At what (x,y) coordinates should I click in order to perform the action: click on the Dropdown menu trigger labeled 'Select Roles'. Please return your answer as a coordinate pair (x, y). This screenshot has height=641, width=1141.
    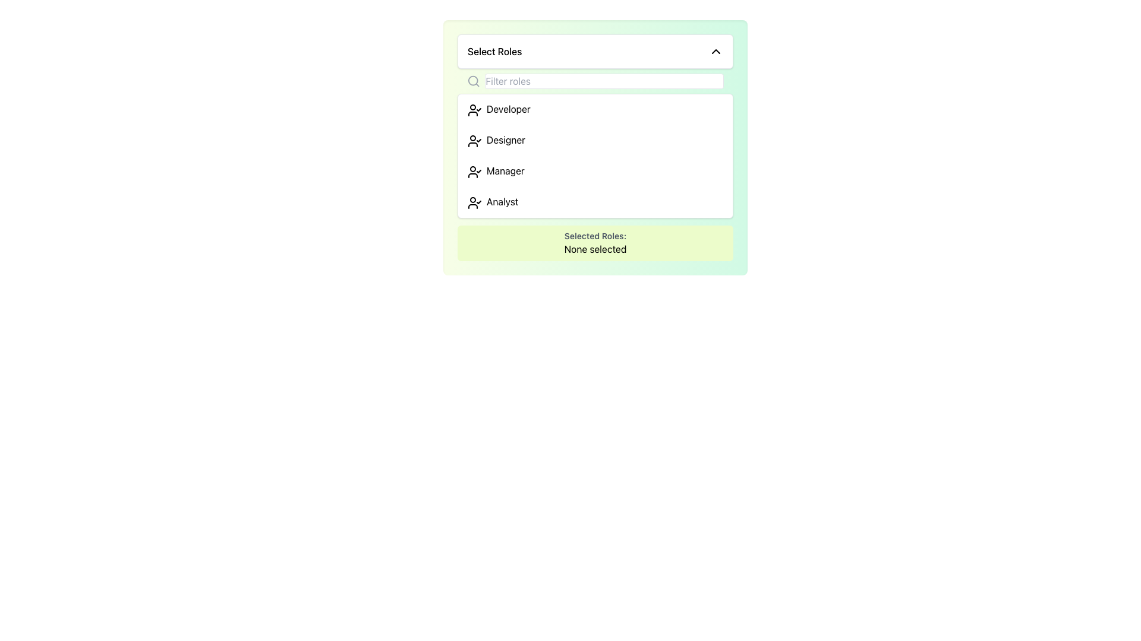
    Looking at the image, I should click on (595, 51).